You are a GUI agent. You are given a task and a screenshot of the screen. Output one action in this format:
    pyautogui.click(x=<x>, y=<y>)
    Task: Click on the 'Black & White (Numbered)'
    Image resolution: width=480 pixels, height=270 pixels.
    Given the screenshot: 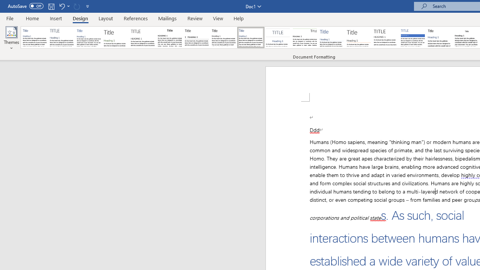 What is the action you would take?
    pyautogui.click(x=196, y=37)
    